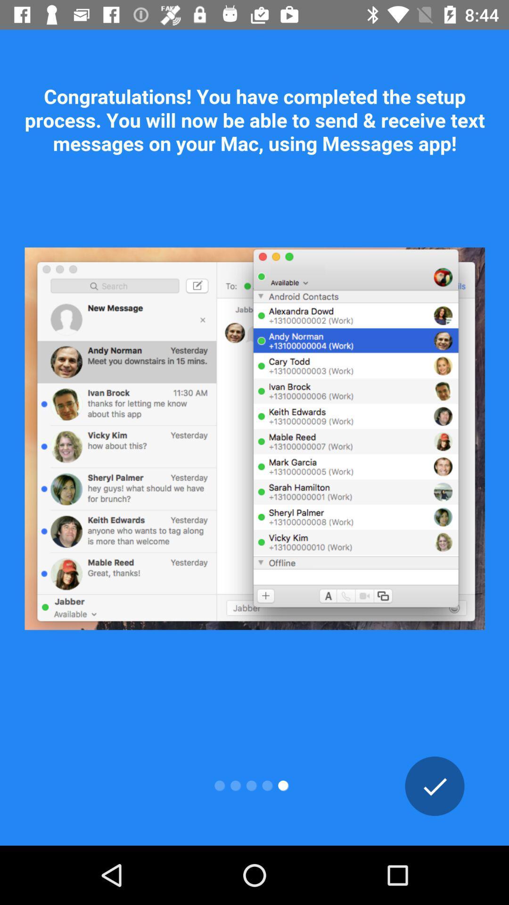  What do you see at coordinates (435, 786) in the screenshot?
I see `ok button` at bounding box center [435, 786].